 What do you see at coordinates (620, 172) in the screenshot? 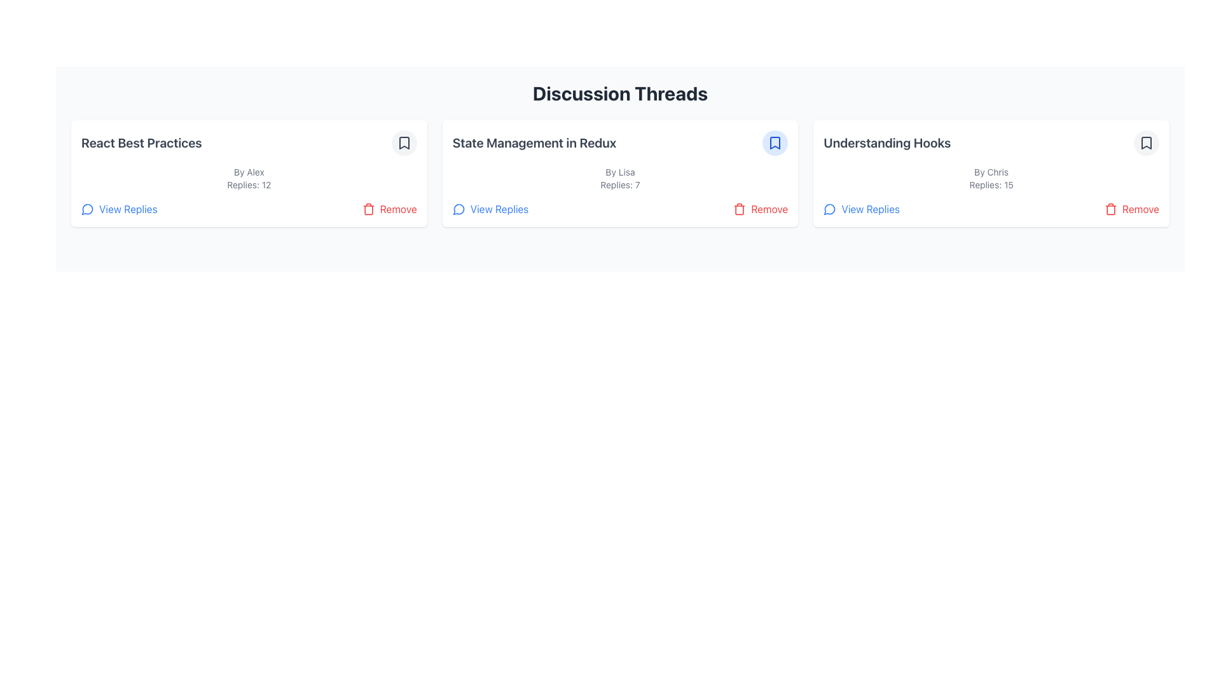
I see `the static text label displaying 'By Lisa', which is styled in a muted gray color and located below the heading 'State Management in Redux' in the 'Discussion Threads' section` at bounding box center [620, 172].